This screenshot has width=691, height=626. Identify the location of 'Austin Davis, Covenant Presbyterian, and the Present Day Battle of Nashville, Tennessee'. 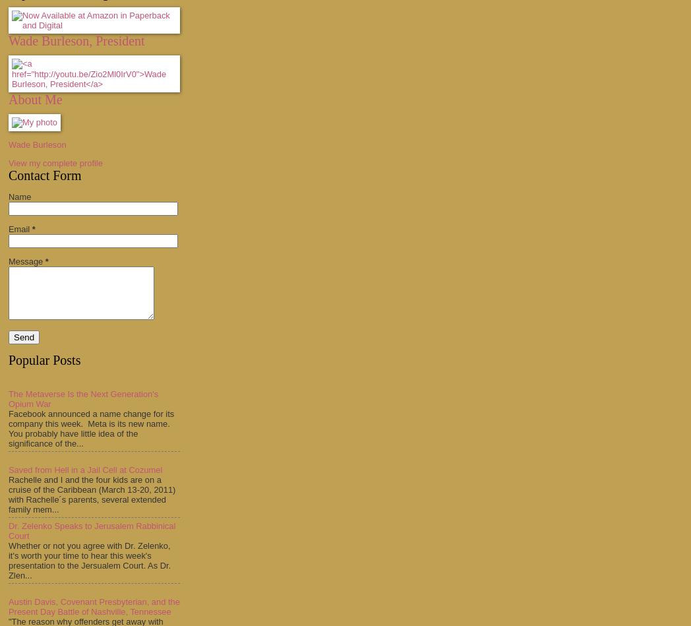
(7, 606).